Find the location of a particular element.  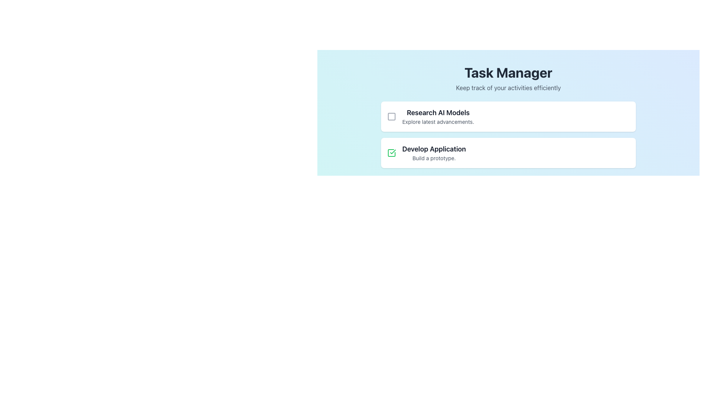

the checkmark icon representing completion in the task list adjacent to 'Develop Application' is located at coordinates (393, 152).